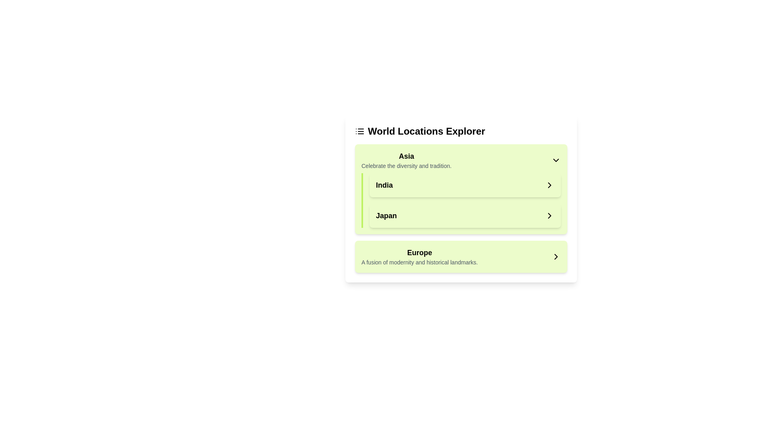  What do you see at coordinates (465, 185) in the screenshot?
I see `the first list item in the 'Asia' section that represents 'India'` at bounding box center [465, 185].